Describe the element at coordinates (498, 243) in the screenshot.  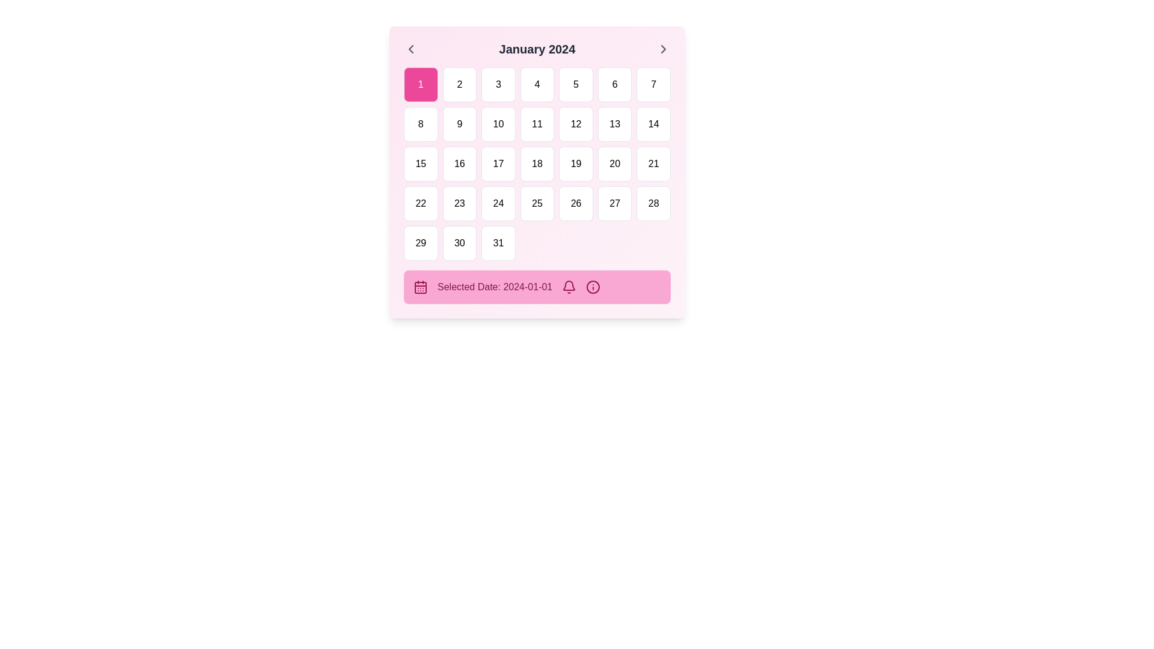
I see `the button labeled '31' in the calendar` at that location.